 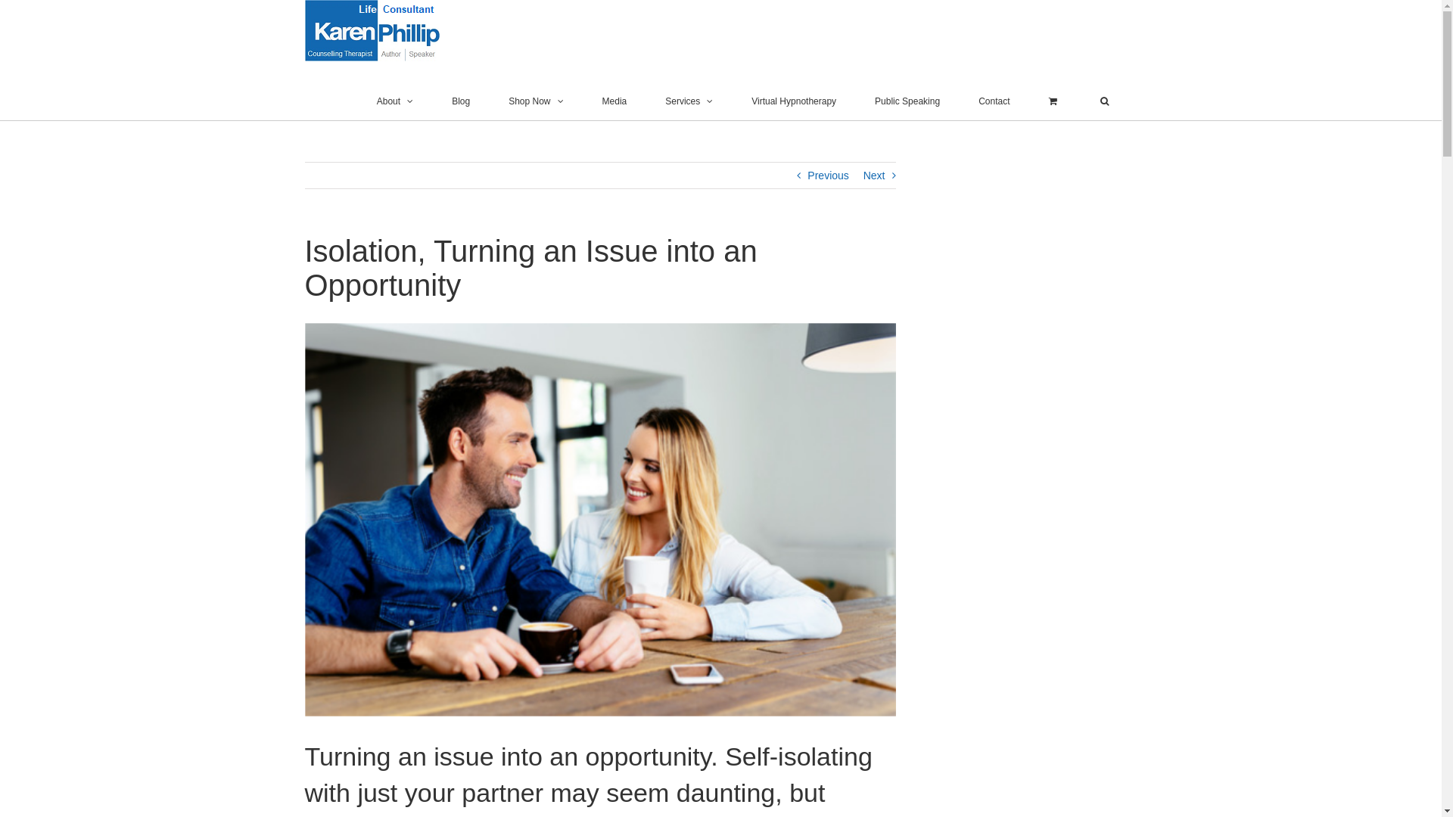 What do you see at coordinates (994, 101) in the screenshot?
I see `'Contact'` at bounding box center [994, 101].